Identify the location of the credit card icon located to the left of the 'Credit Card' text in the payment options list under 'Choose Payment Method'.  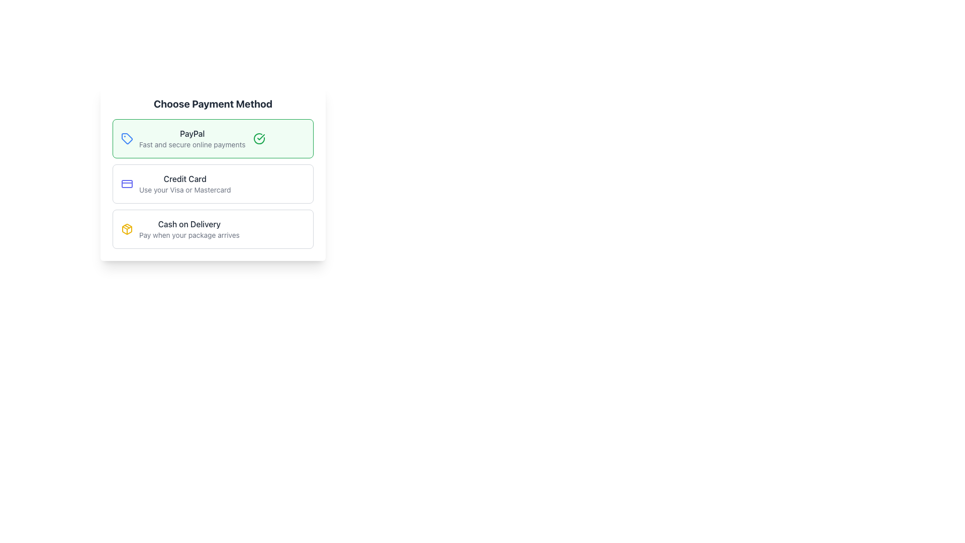
(127, 184).